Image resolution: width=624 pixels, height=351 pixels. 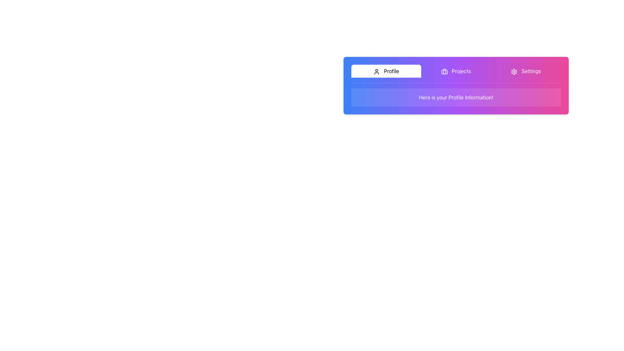 I want to click on the informational text box that displays 'Here is your Profile Information!' which is located below the tabs labeled 'Profile', 'Projects', and 'Settings', so click(x=456, y=97).